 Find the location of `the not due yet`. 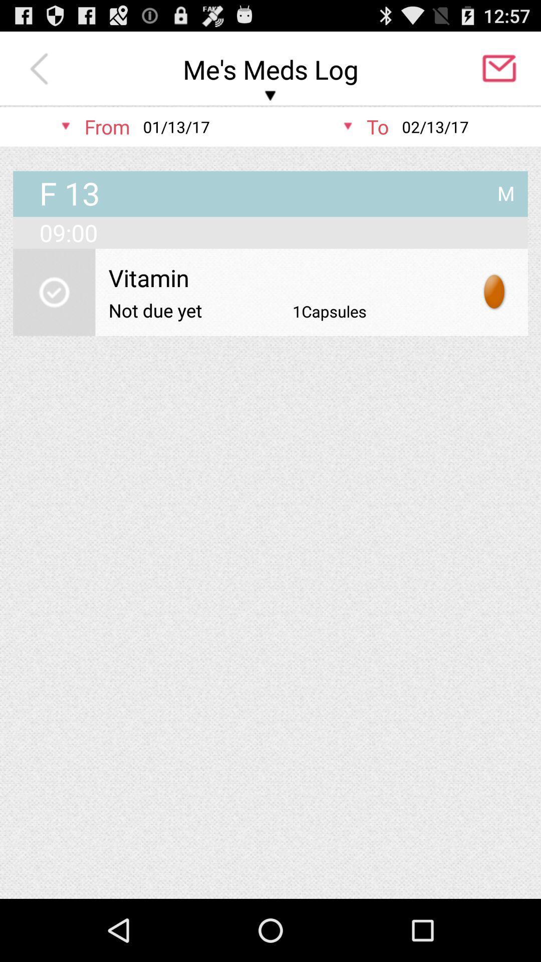

the not due yet is located at coordinates (155, 310).